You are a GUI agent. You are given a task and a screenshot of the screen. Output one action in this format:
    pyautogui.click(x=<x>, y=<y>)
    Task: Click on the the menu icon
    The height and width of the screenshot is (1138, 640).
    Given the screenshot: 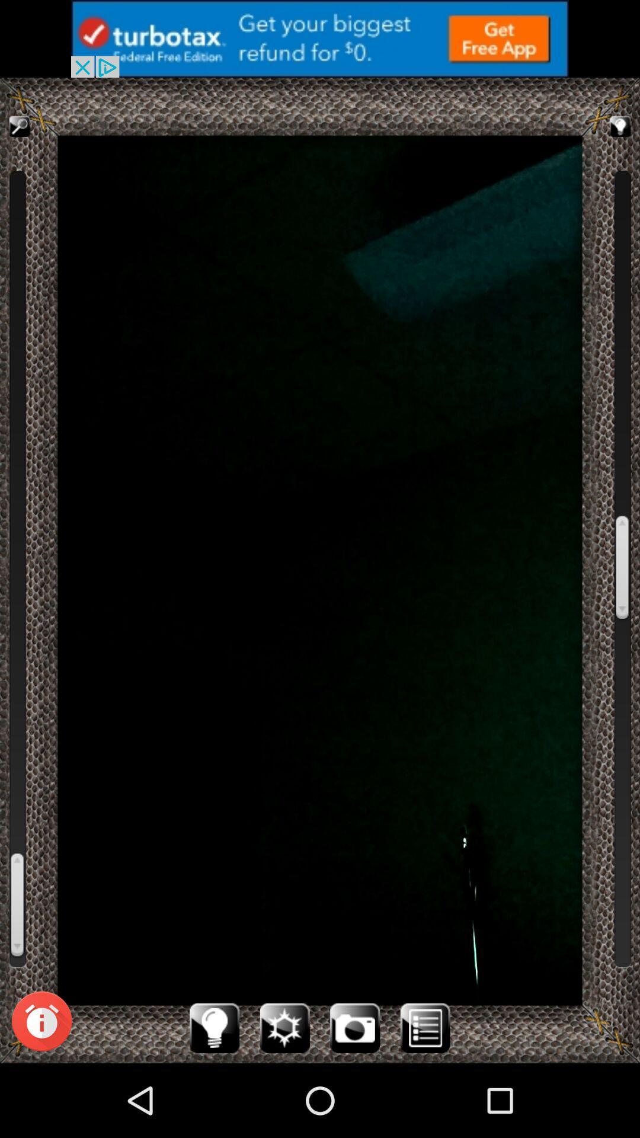 What is the action you would take?
    pyautogui.click(x=424, y=1099)
    